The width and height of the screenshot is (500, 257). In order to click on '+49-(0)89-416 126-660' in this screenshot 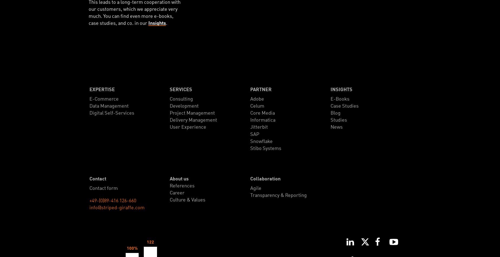, I will do `click(112, 201)`.